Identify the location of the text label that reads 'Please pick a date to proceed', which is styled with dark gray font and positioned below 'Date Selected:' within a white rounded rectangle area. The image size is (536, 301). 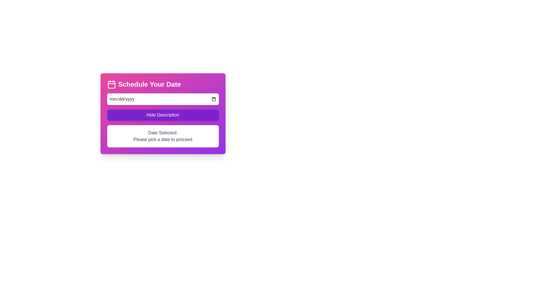
(162, 139).